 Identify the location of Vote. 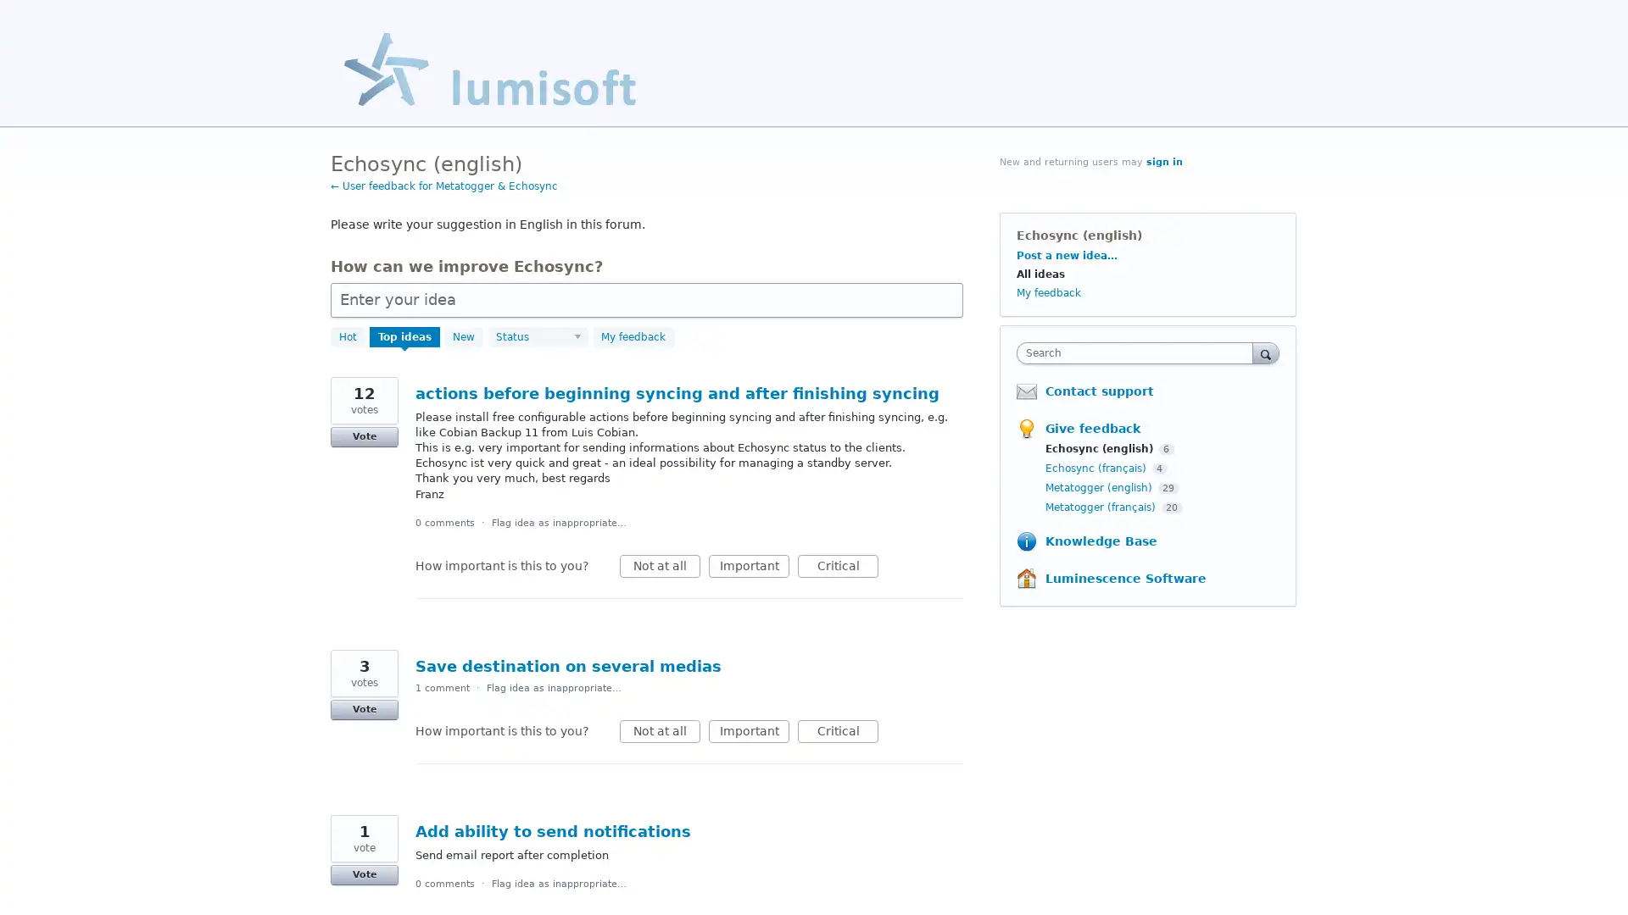
(364, 435).